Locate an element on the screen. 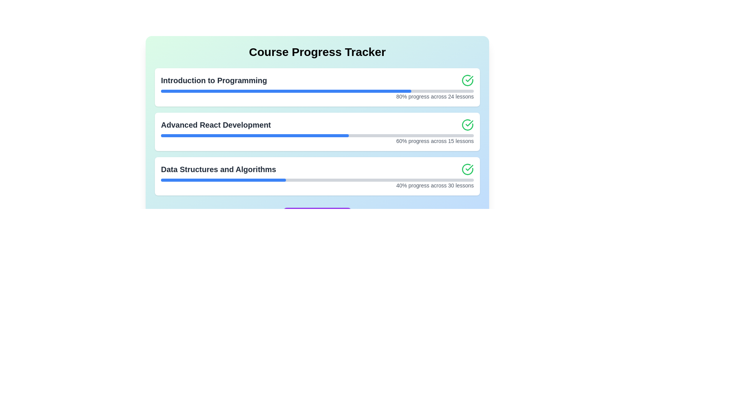  course title and progress details from the informational card representing the 'Data Structures and Algorithms' lessons, which is the third card in the vertical list of progress cards is located at coordinates (317, 176).